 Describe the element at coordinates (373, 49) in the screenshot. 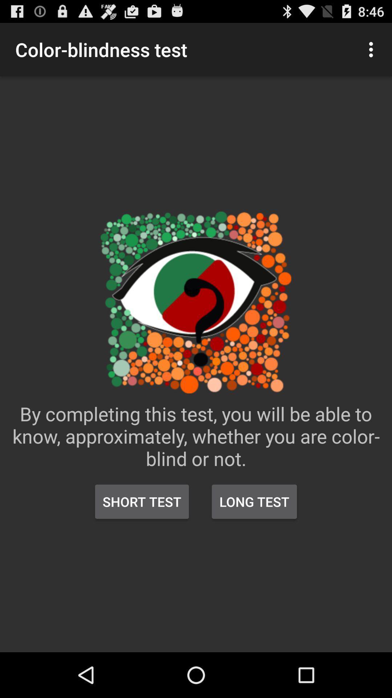

I see `the app to the right of color-blindness test` at that location.